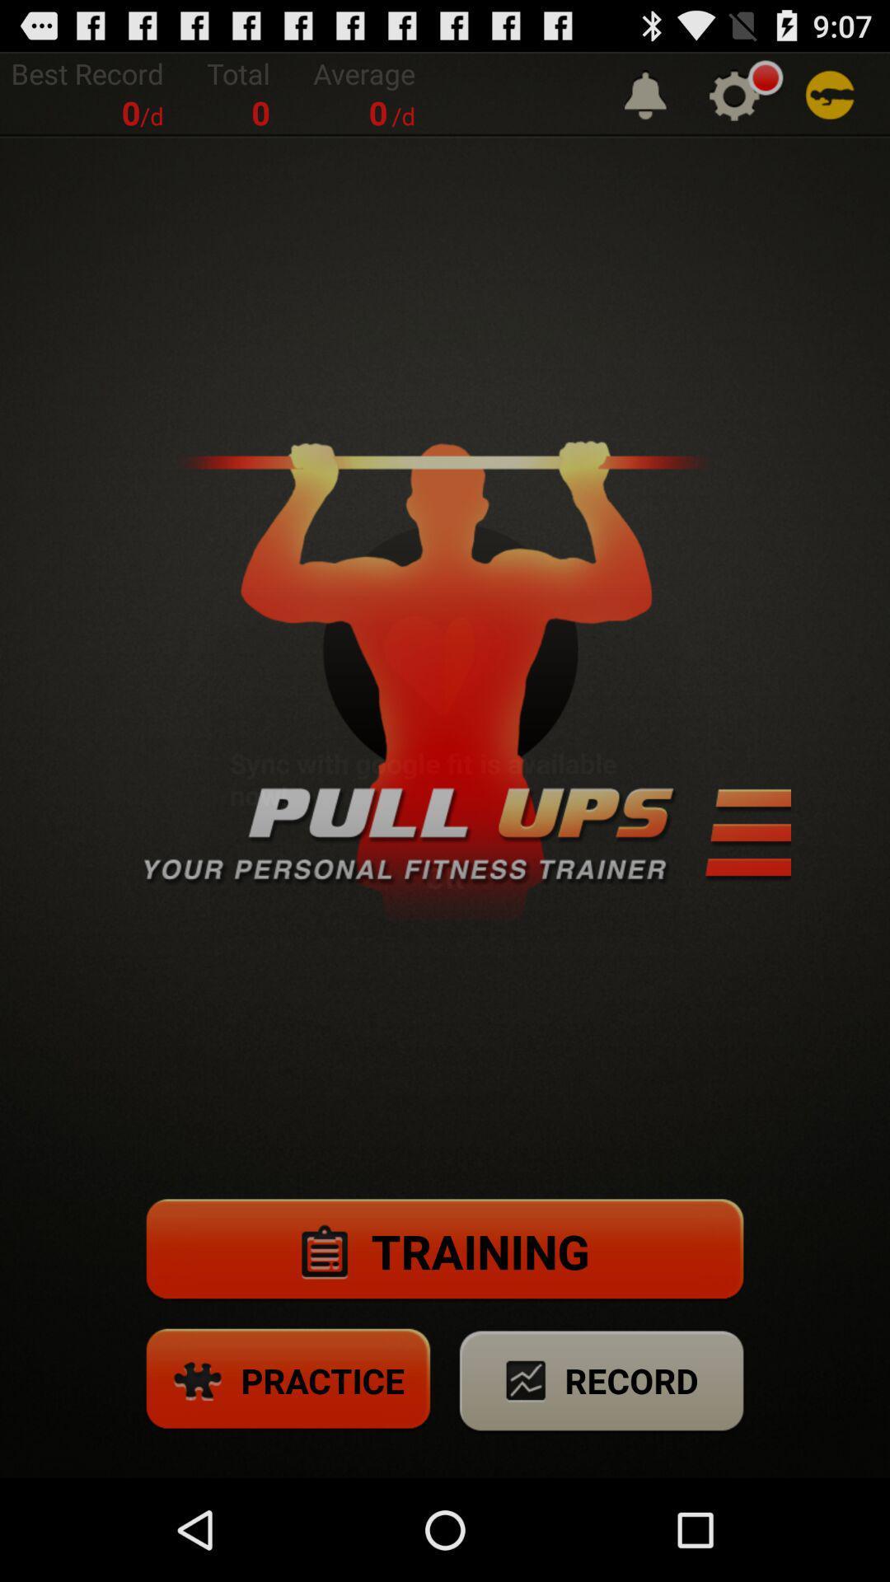 The width and height of the screenshot is (890, 1582). What do you see at coordinates (644, 94) in the screenshot?
I see `the icon next to average item` at bounding box center [644, 94].